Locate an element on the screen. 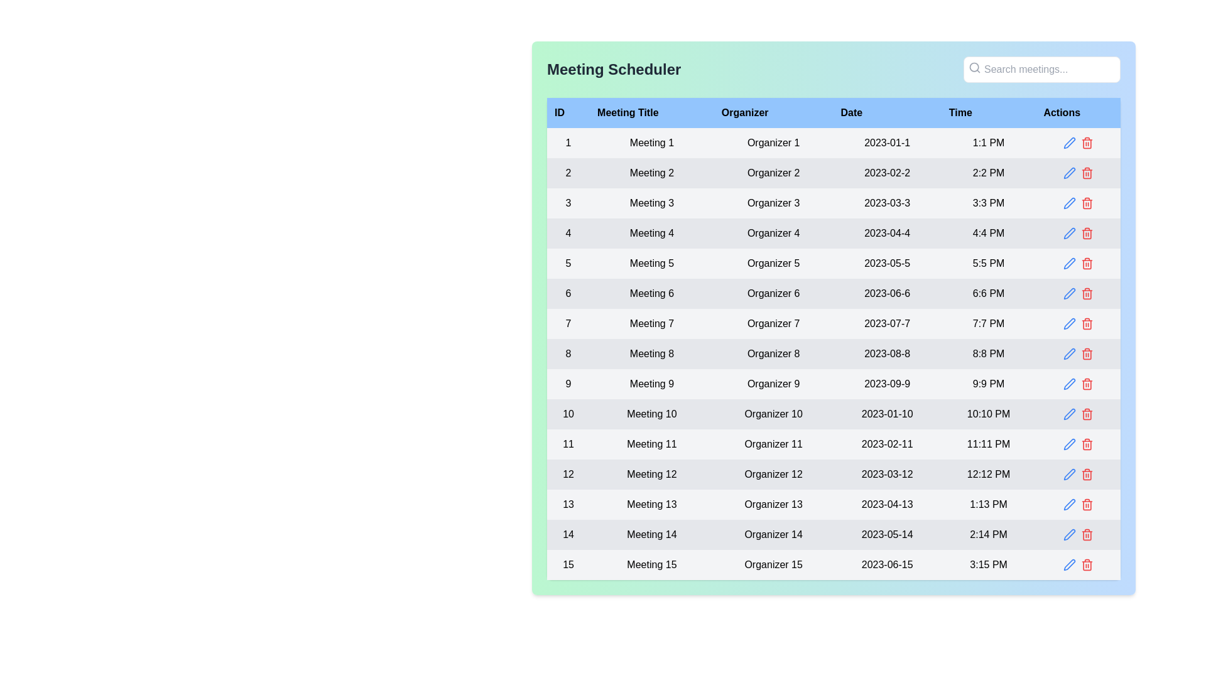 The height and width of the screenshot is (678, 1206). the static text displaying the scheduled date for a meeting located in the fourth row of the table under the 'Date' column is located at coordinates (886, 233).